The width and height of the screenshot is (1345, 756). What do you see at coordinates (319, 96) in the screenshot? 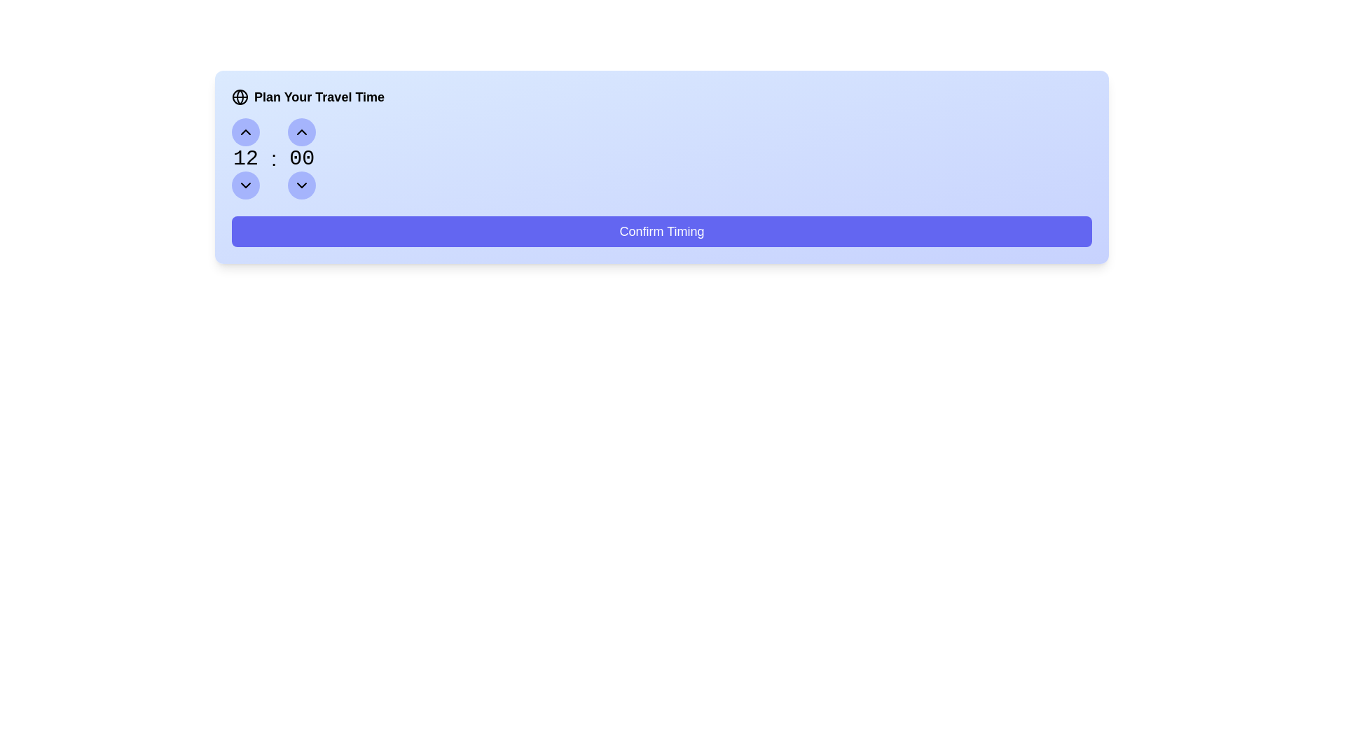
I see `the bolded text label that reads 'Plan Your Travel Time', which is prominently displayed near the top of the interface and positioned to the right of a globe icon` at bounding box center [319, 96].